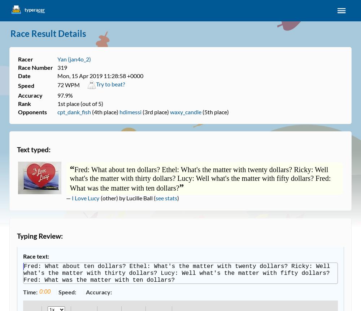  What do you see at coordinates (74, 59) in the screenshot?
I see `'Yan (jan4o_2)'` at bounding box center [74, 59].